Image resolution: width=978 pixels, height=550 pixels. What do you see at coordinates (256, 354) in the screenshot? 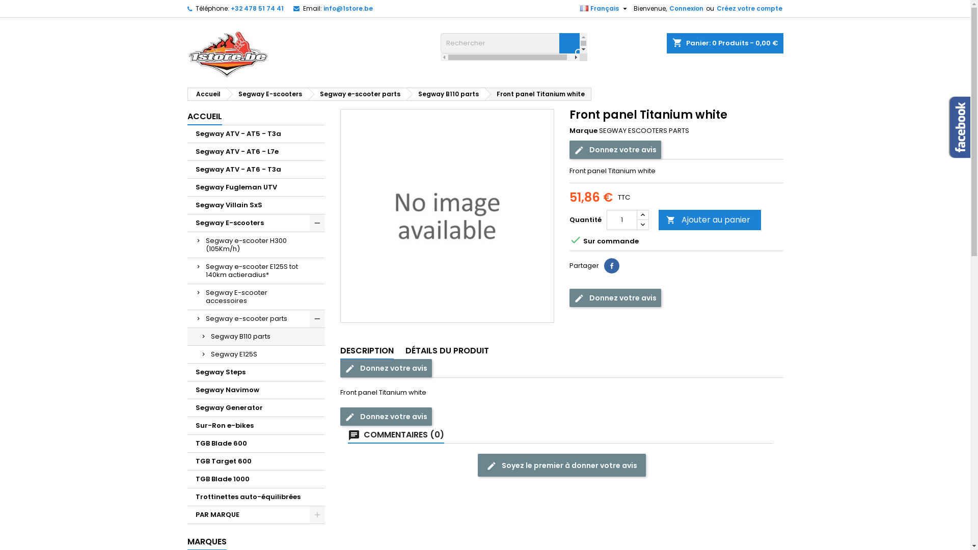
I see `'Segway E125S'` at bounding box center [256, 354].